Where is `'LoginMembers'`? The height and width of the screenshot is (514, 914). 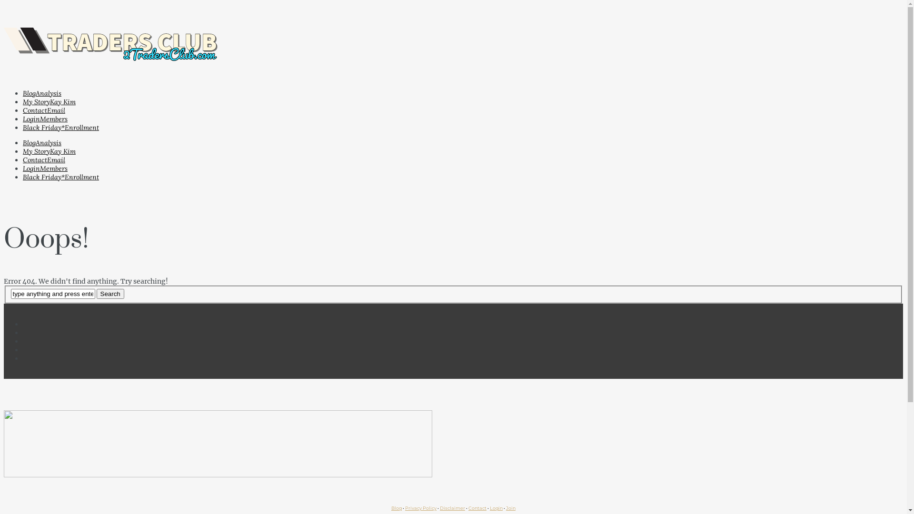 'LoginMembers' is located at coordinates (23, 168).